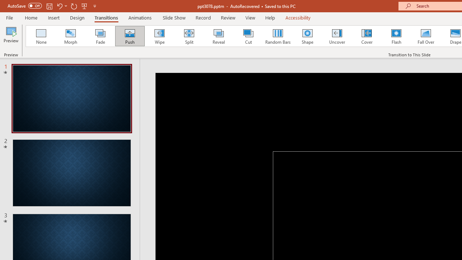 The height and width of the screenshot is (260, 462). I want to click on 'Wipe', so click(159, 36).